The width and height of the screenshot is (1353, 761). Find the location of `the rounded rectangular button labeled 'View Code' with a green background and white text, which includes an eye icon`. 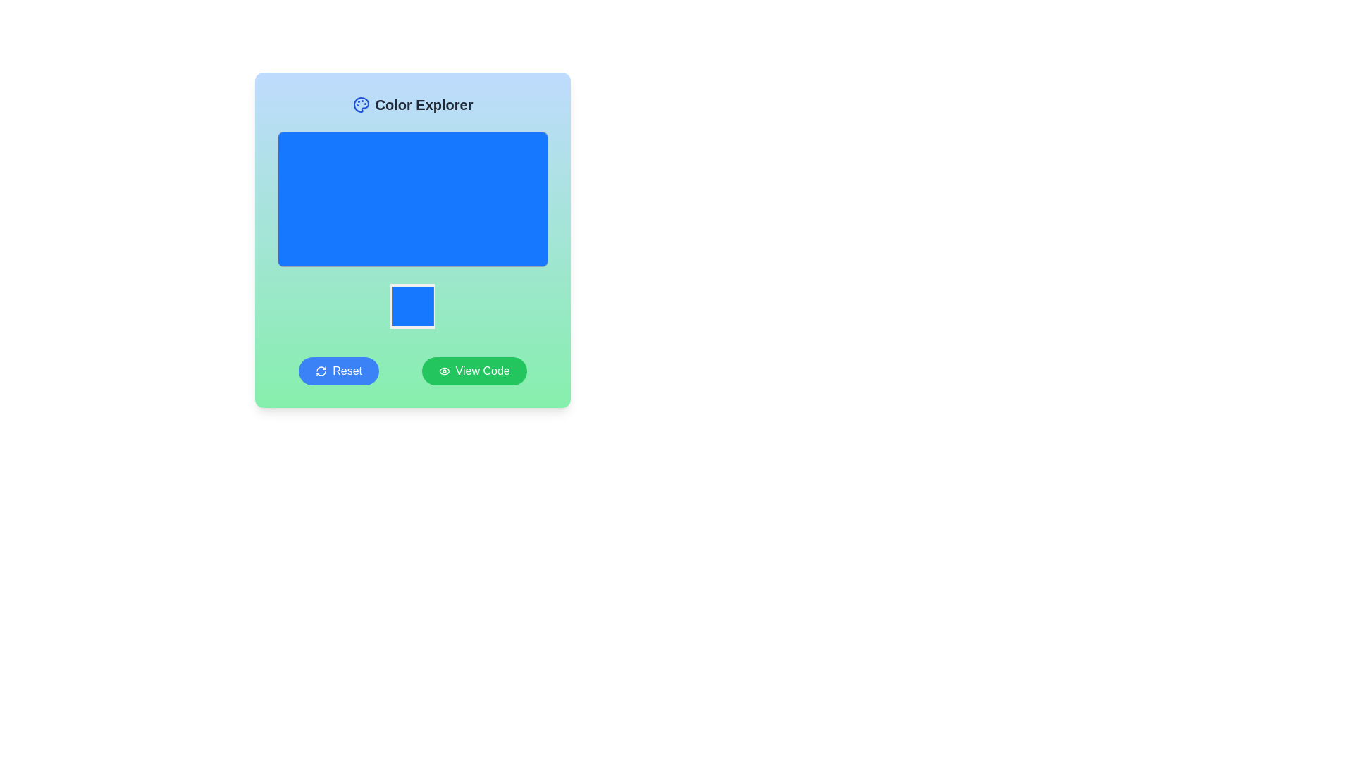

the rounded rectangular button labeled 'View Code' with a green background and white text, which includes an eye icon is located at coordinates (474, 371).